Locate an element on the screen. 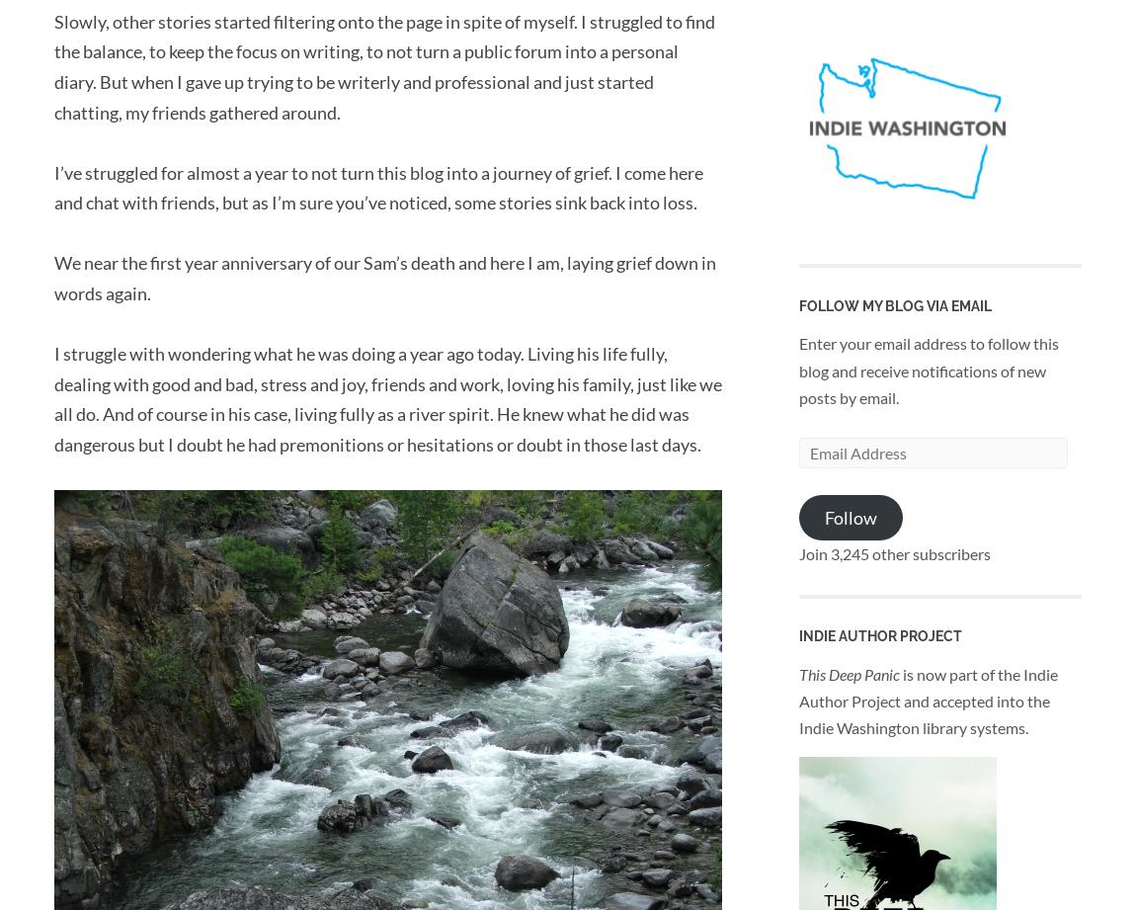 The image size is (1136, 910). 'Slowly, other stories started filtering onto the page in spite of myself. I struggled to find the balance, to keep the focus on writing, to not turn a public forum into a personal diary. But when I gave up trying to be writerly and professional and just started chatting, my friends gathered around.' is located at coordinates (384, 65).